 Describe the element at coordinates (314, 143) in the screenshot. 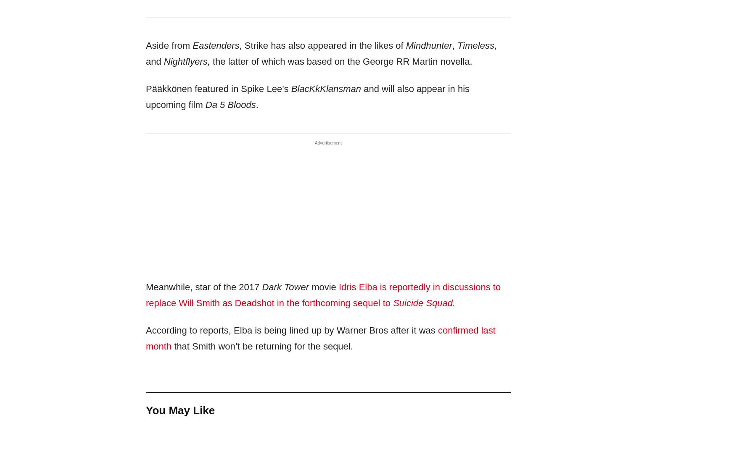

I see `'Advertisement'` at that location.